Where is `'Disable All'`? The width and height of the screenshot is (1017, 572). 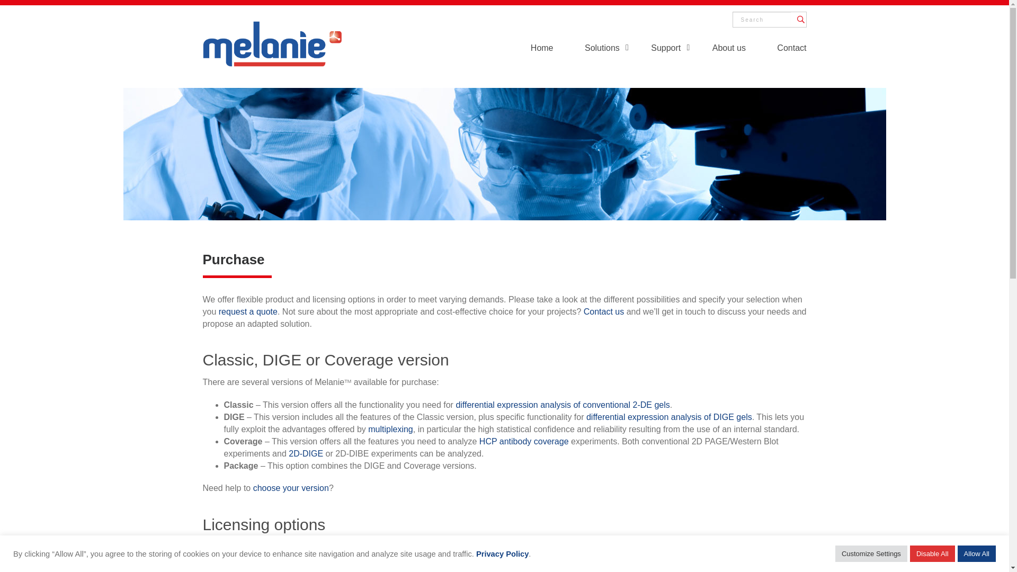
'Disable All' is located at coordinates (909, 553).